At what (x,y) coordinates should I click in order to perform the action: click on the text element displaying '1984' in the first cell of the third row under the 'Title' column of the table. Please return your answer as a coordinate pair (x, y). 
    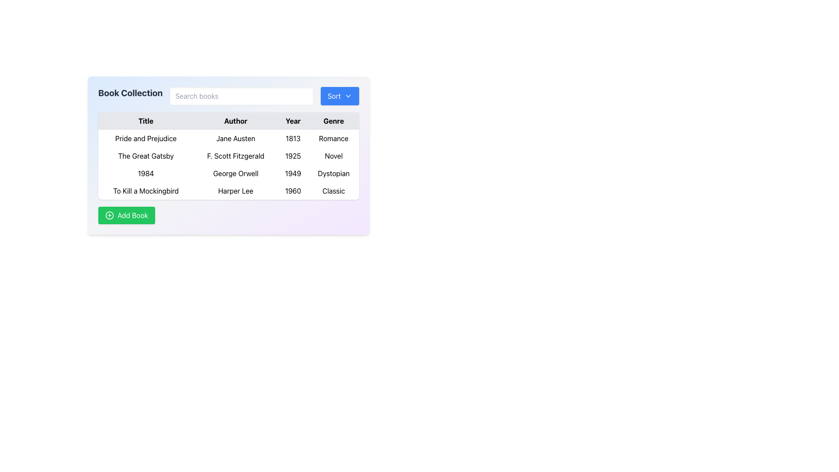
    Looking at the image, I should click on (146, 174).